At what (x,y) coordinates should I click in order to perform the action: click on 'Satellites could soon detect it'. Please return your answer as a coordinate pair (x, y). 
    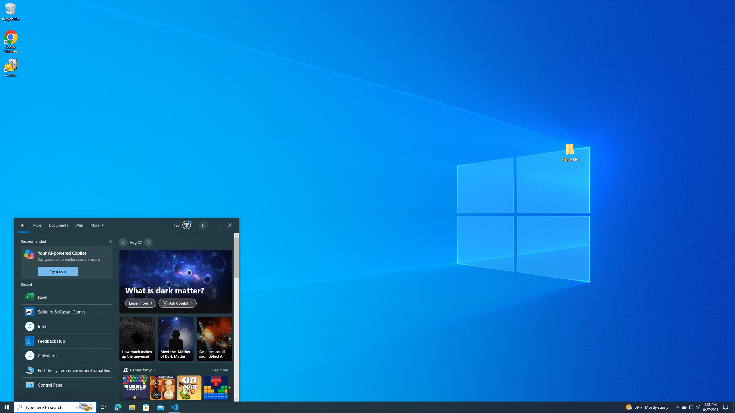
    Looking at the image, I should click on (214, 338).